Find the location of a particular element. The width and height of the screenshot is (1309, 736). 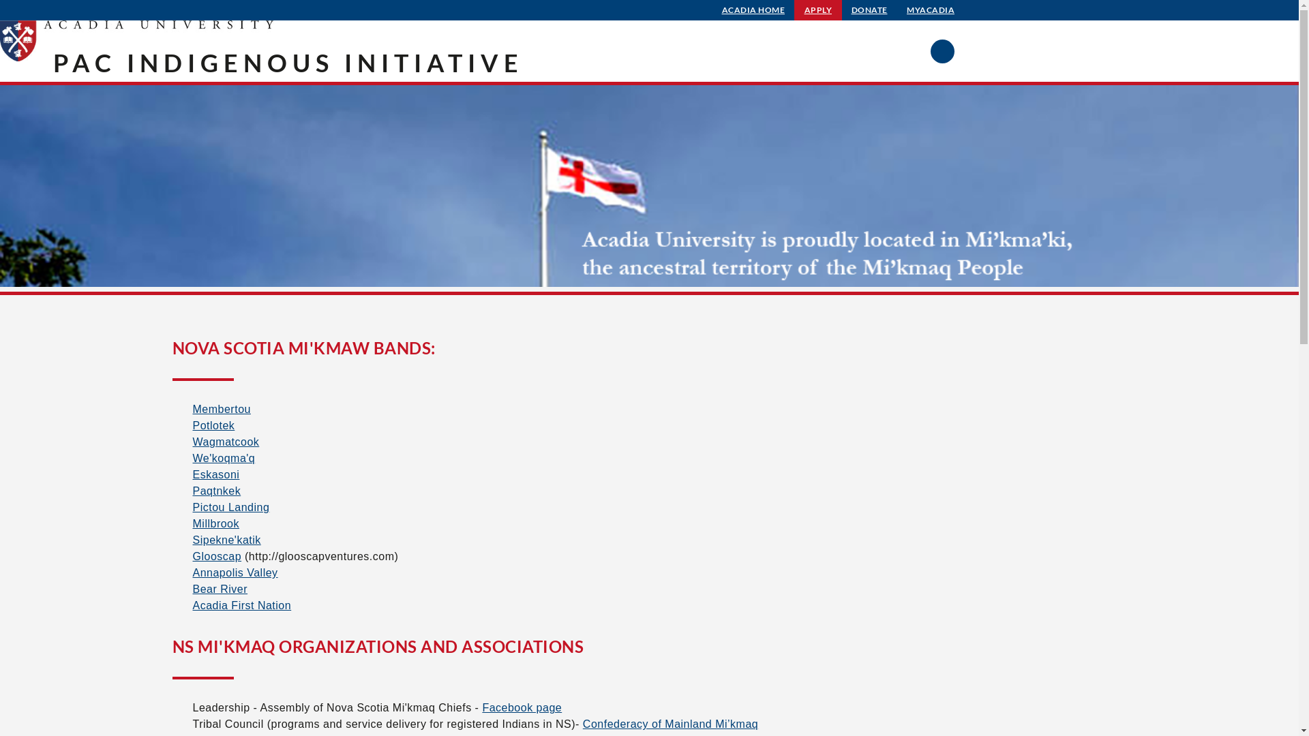

'We'koqma'q' is located at coordinates (223, 458).